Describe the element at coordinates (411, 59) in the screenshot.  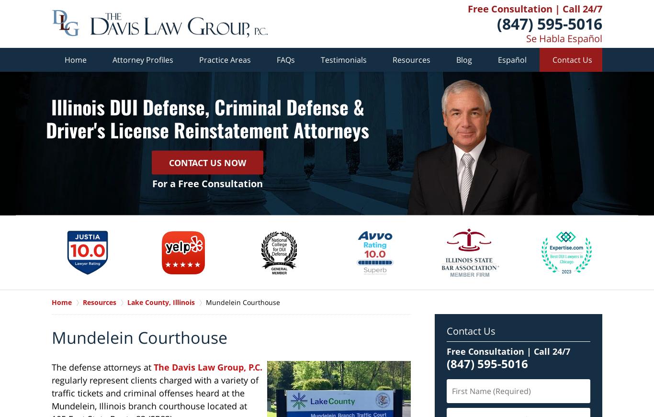
I see `'Resources'` at that location.